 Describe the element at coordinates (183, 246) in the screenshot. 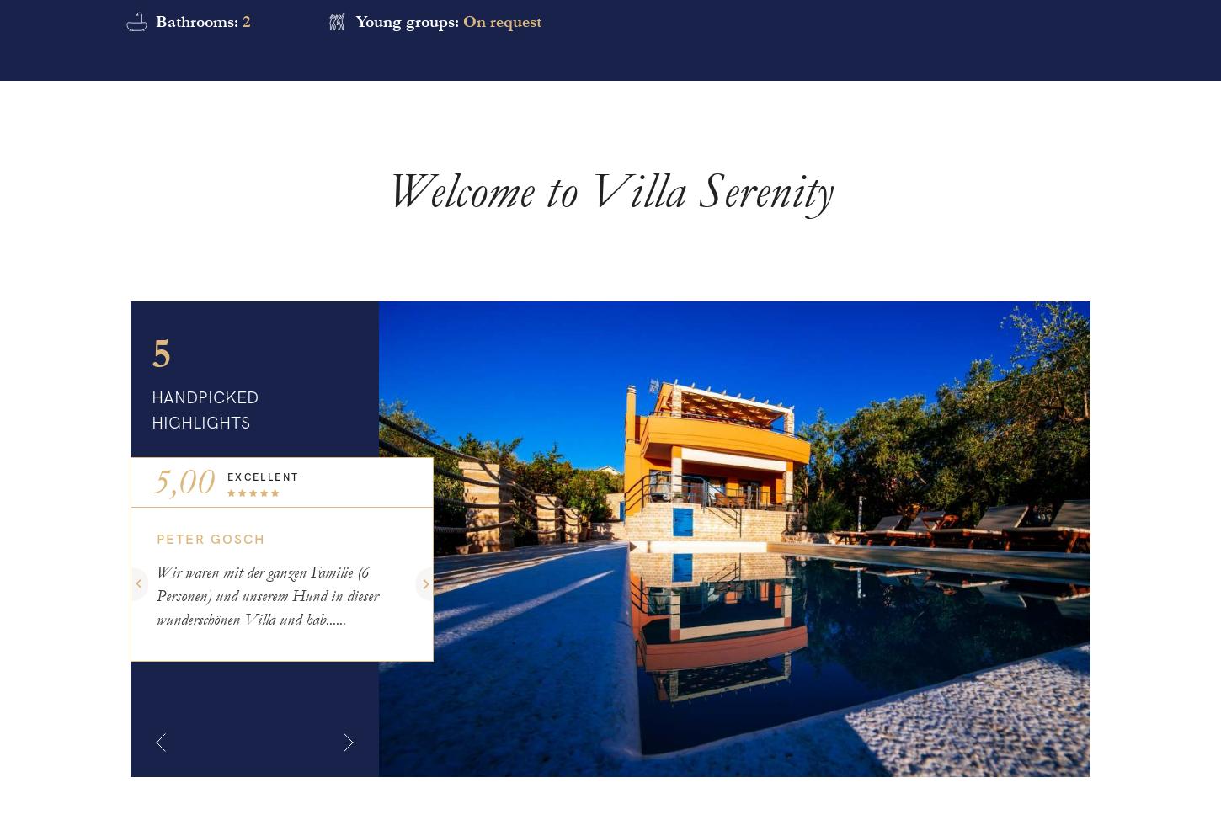

I see `'Follow us'` at that location.